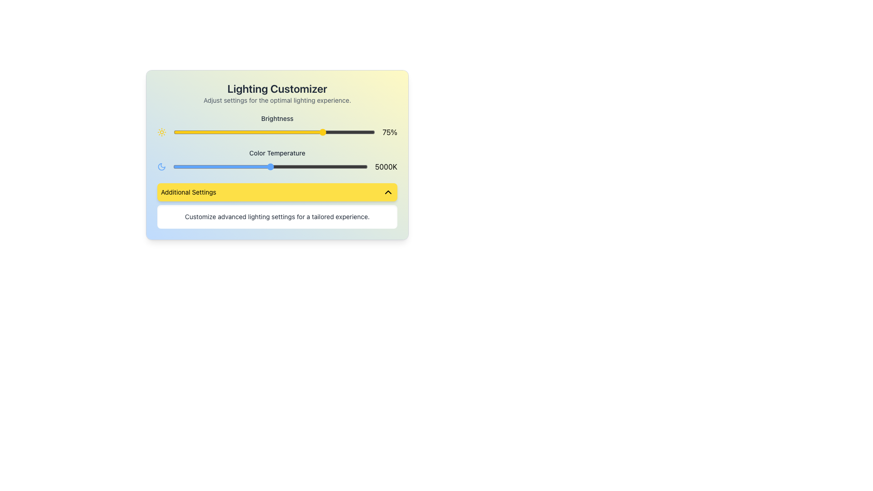  What do you see at coordinates (332, 166) in the screenshot?
I see `the color temperature` at bounding box center [332, 166].